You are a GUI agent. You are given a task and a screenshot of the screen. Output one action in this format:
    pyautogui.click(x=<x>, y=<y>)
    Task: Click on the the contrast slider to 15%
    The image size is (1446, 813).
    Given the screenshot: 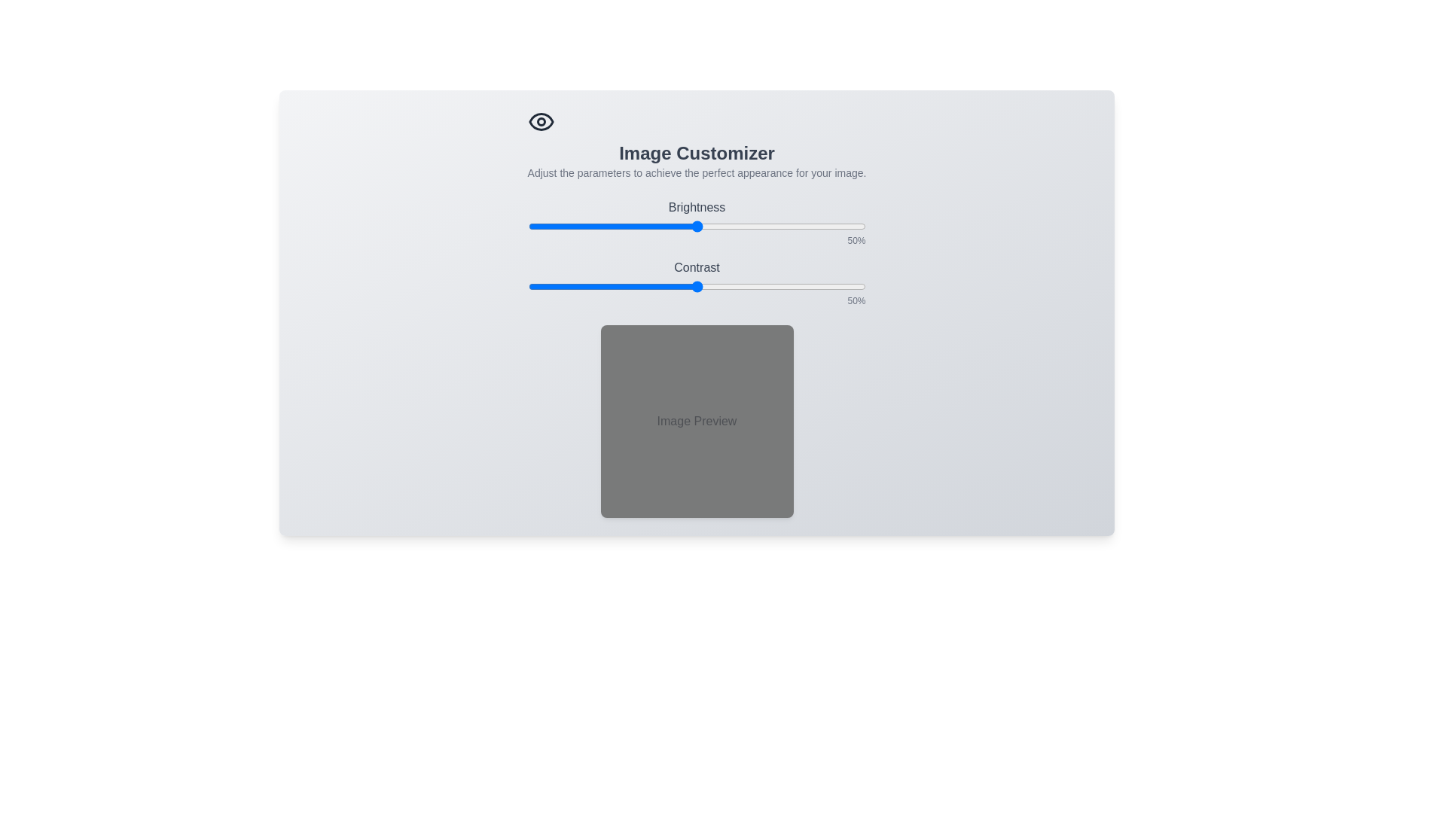 What is the action you would take?
    pyautogui.click(x=578, y=287)
    